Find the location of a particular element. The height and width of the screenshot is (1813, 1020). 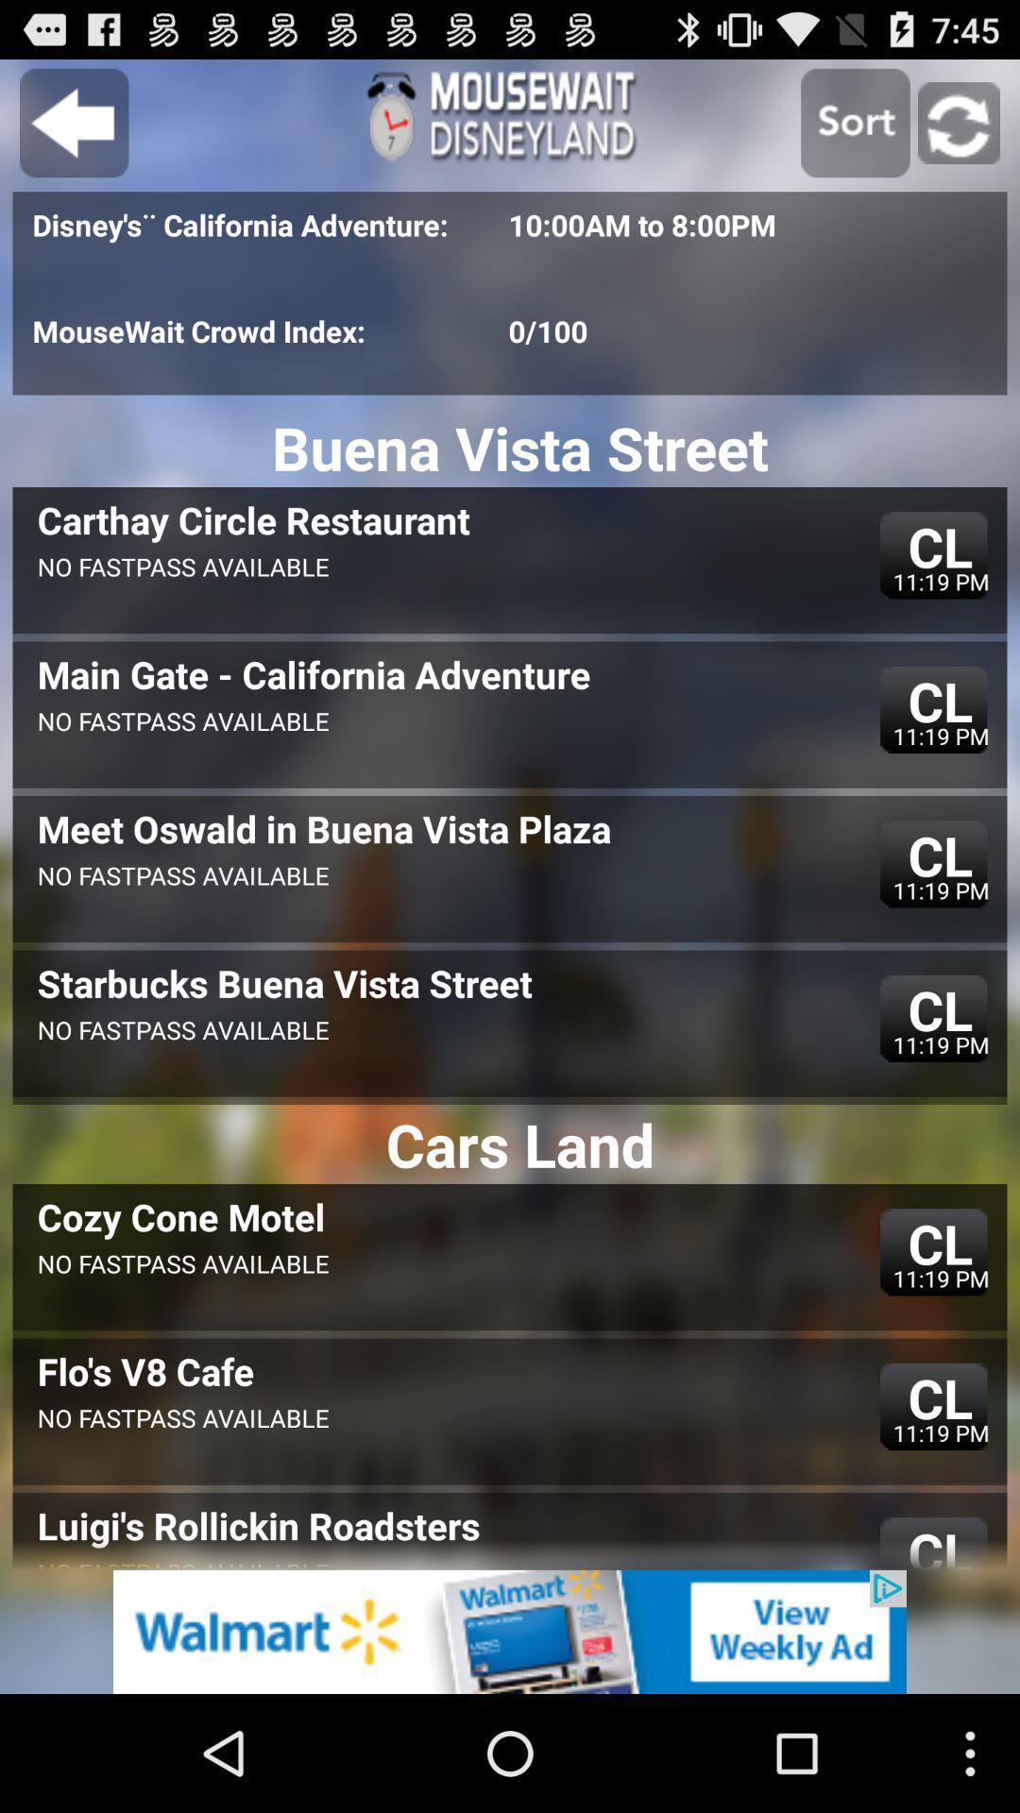

the refresh icon is located at coordinates (959, 130).